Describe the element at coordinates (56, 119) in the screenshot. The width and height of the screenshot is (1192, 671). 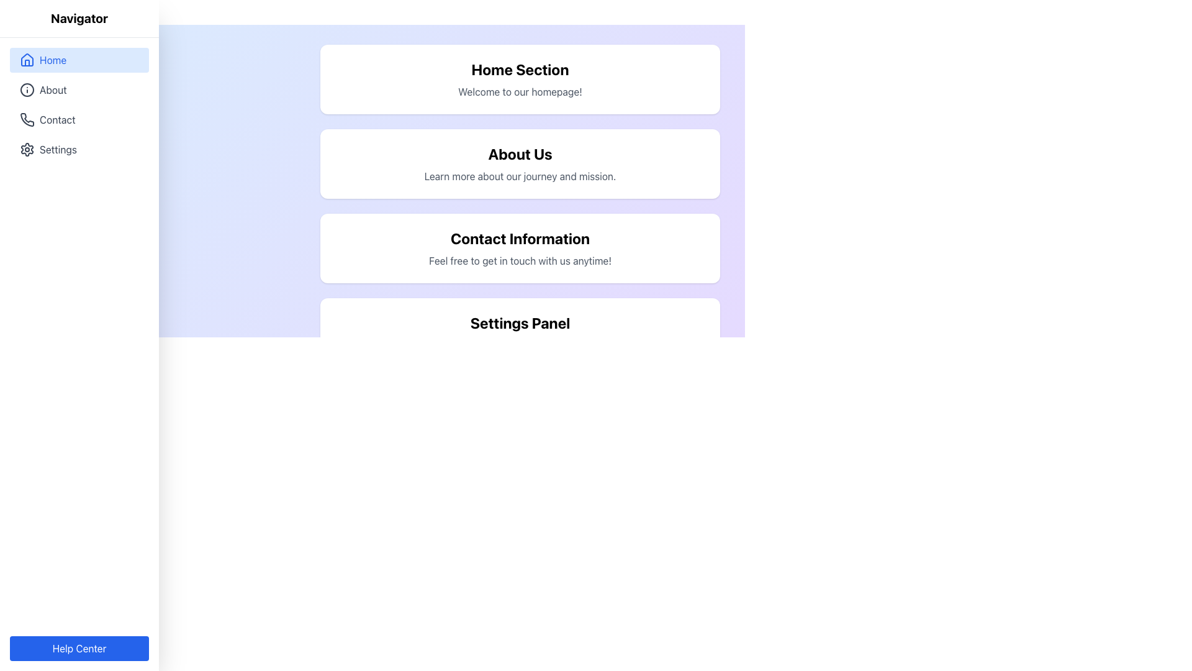
I see `the 'Contact' text label in the left-side navigation panel, which is located below the 'About' item and above the 'Settings' item` at that location.